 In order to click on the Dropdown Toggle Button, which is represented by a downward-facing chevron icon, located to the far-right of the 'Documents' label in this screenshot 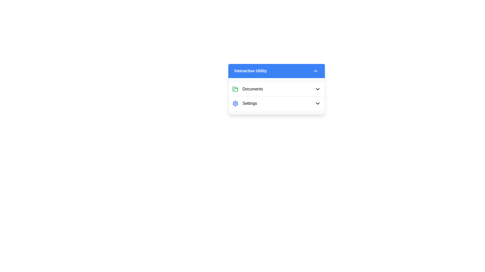, I will do `click(317, 89)`.